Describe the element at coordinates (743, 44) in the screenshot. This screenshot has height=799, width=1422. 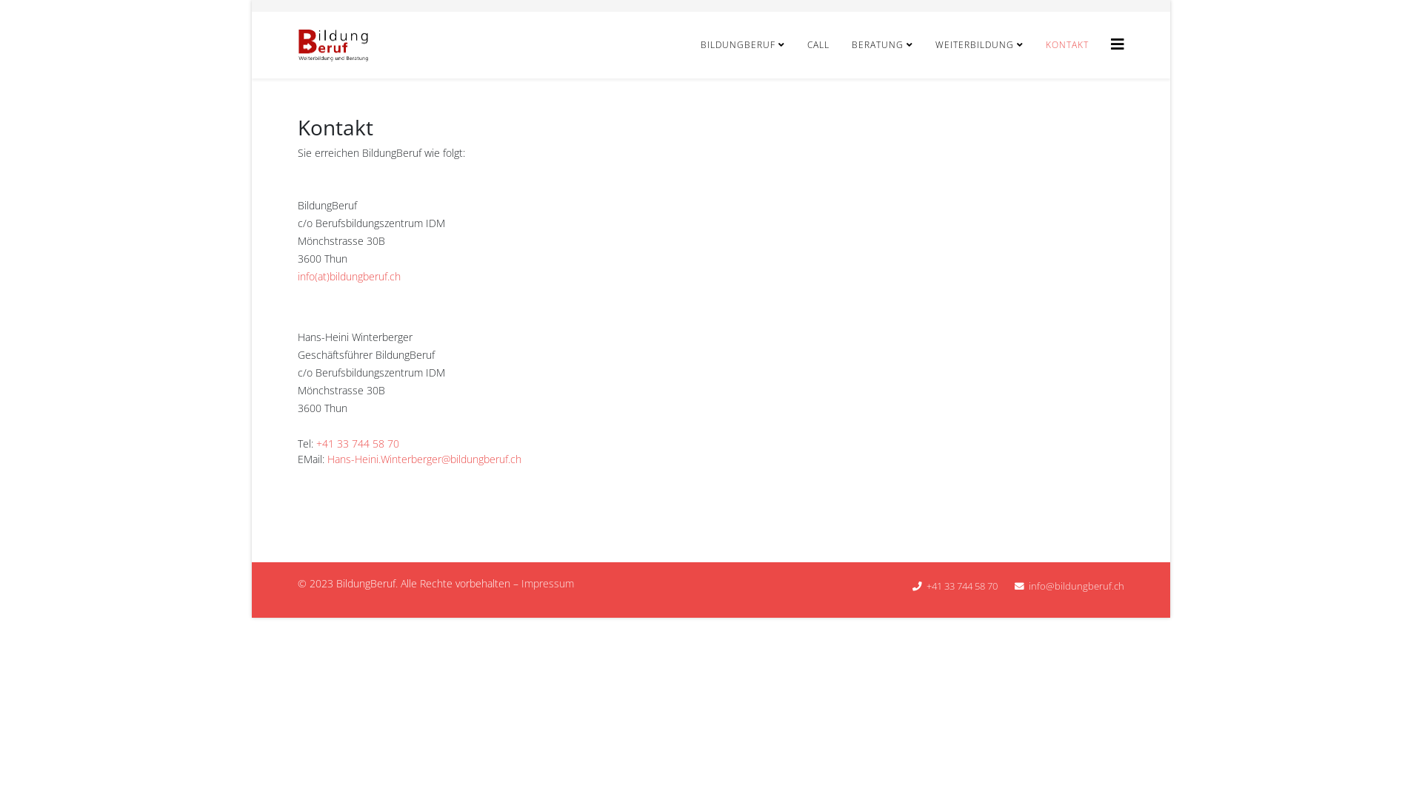
I see `'BILDUNGBERUF'` at that location.